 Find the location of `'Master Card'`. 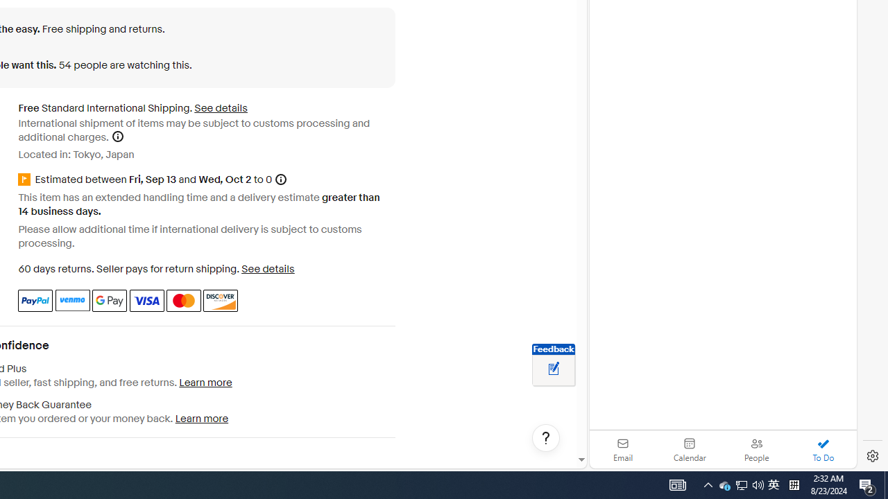

'Master Card' is located at coordinates (182, 299).